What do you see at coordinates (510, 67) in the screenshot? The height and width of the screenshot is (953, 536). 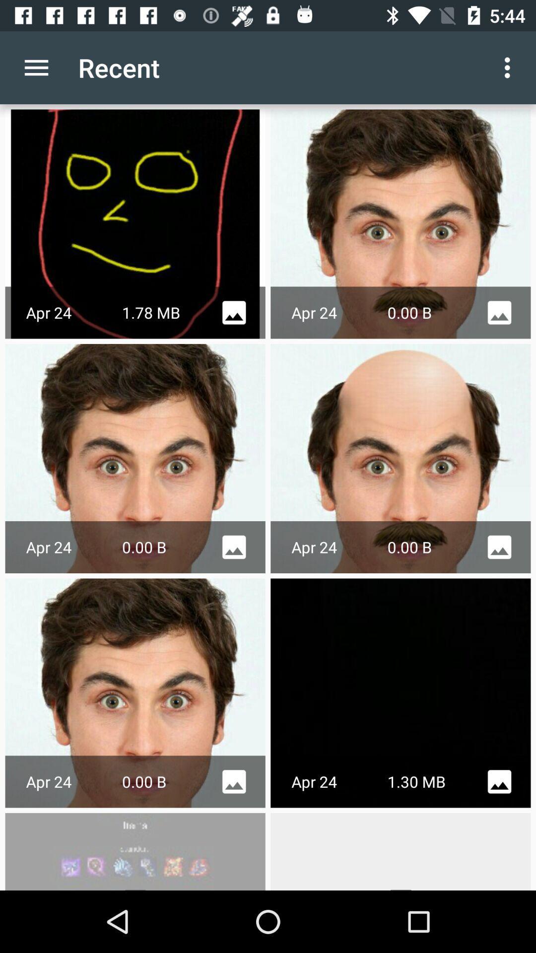 I see `the app to the right of recent item` at bounding box center [510, 67].